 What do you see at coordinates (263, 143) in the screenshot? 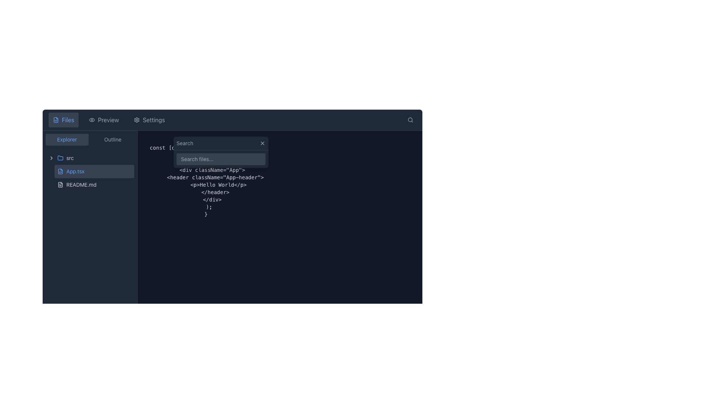
I see `the dismiss button located in the 'Search' section at the top-center of the interface, adjacent to the text 'Search', to observe the hover effect` at bounding box center [263, 143].